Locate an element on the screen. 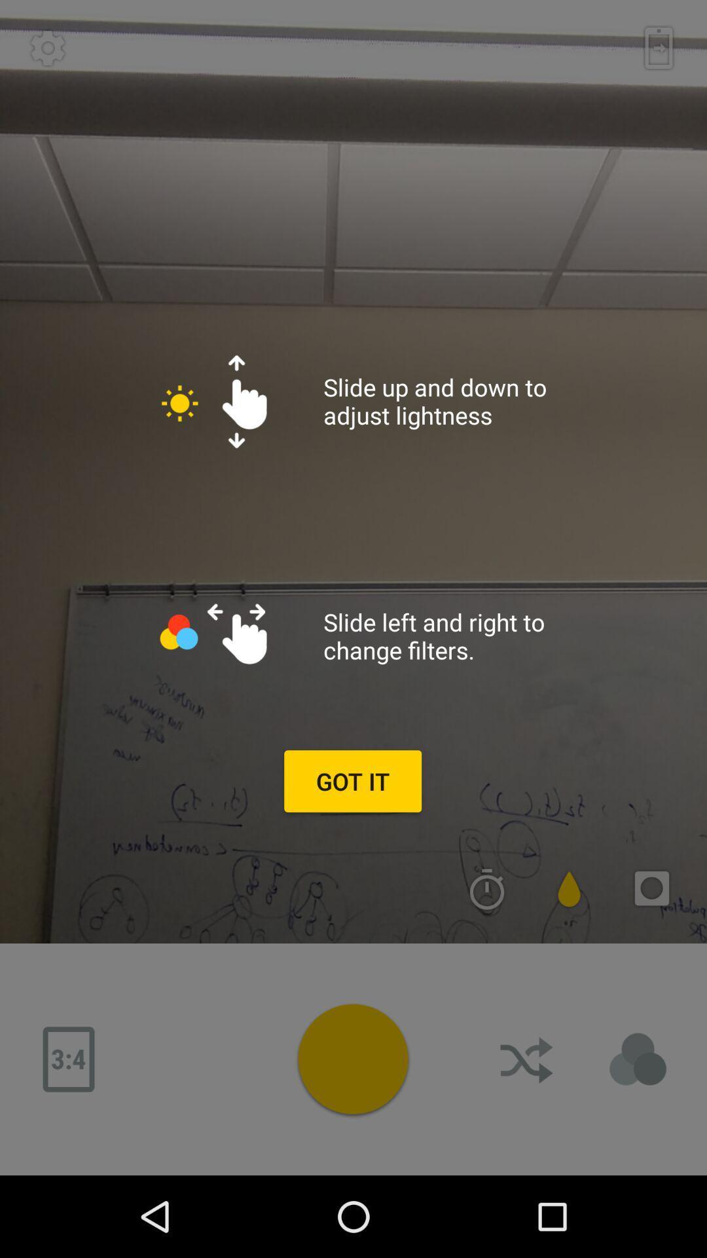  options is located at coordinates (352, 1059).